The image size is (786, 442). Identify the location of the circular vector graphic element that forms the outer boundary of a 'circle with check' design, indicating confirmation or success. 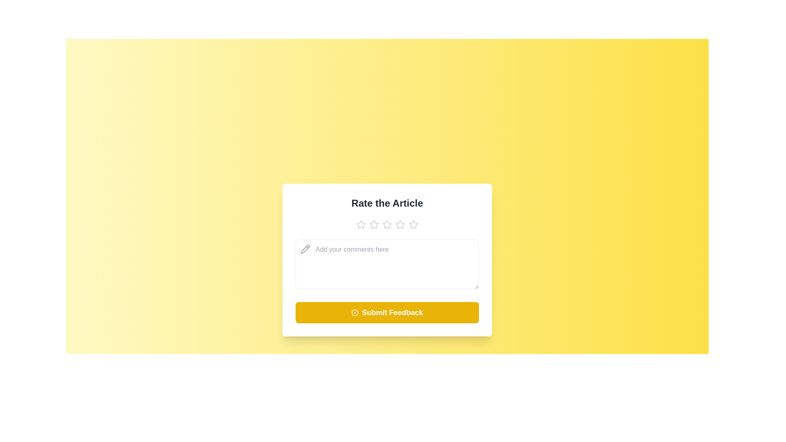
(355, 312).